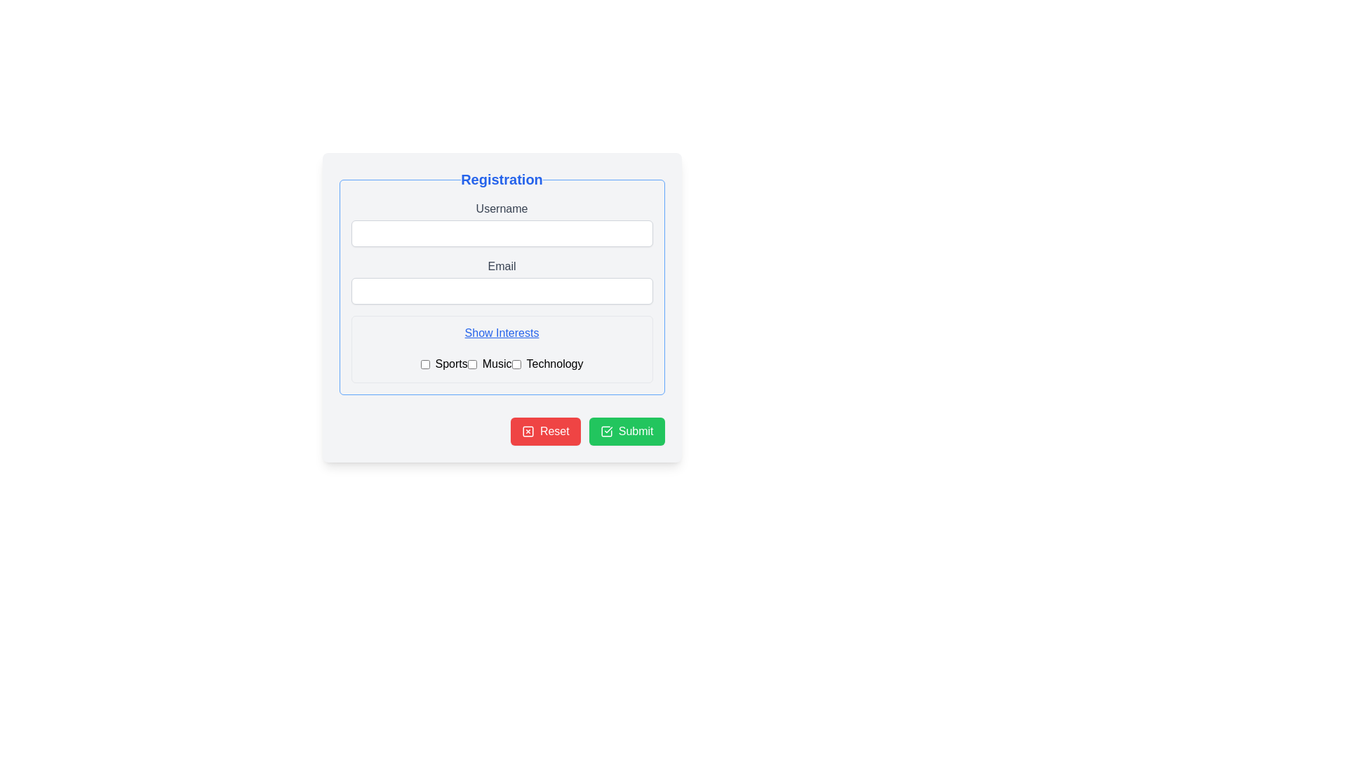  What do you see at coordinates (502, 232) in the screenshot?
I see `the username input field located within the 'Registration' section, positioned below the 'Username' label, to enable typing` at bounding box center [502, 232].